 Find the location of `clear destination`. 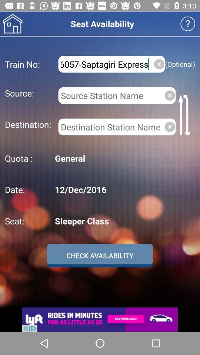

clear destination is located at coordinates (170, 127).